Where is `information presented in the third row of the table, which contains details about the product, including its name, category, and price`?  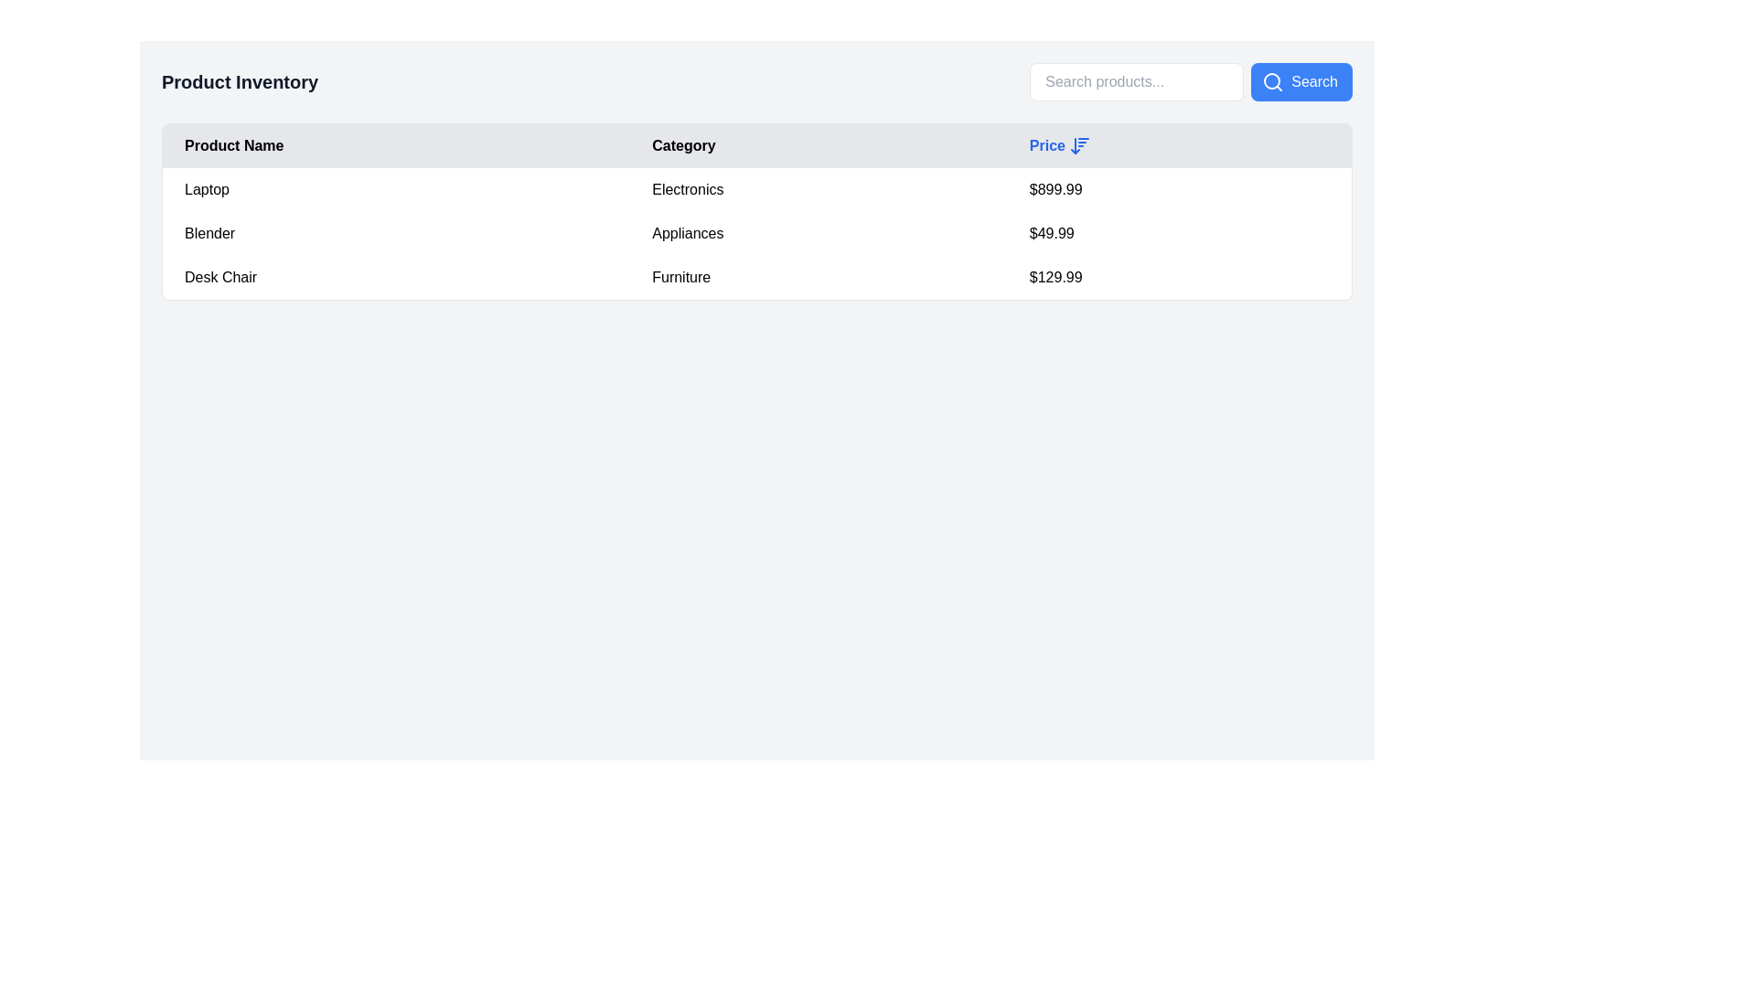 information presented in the third row of the table, which contains details about the product, including its name, category, and price is located at coordinates (757, 278).